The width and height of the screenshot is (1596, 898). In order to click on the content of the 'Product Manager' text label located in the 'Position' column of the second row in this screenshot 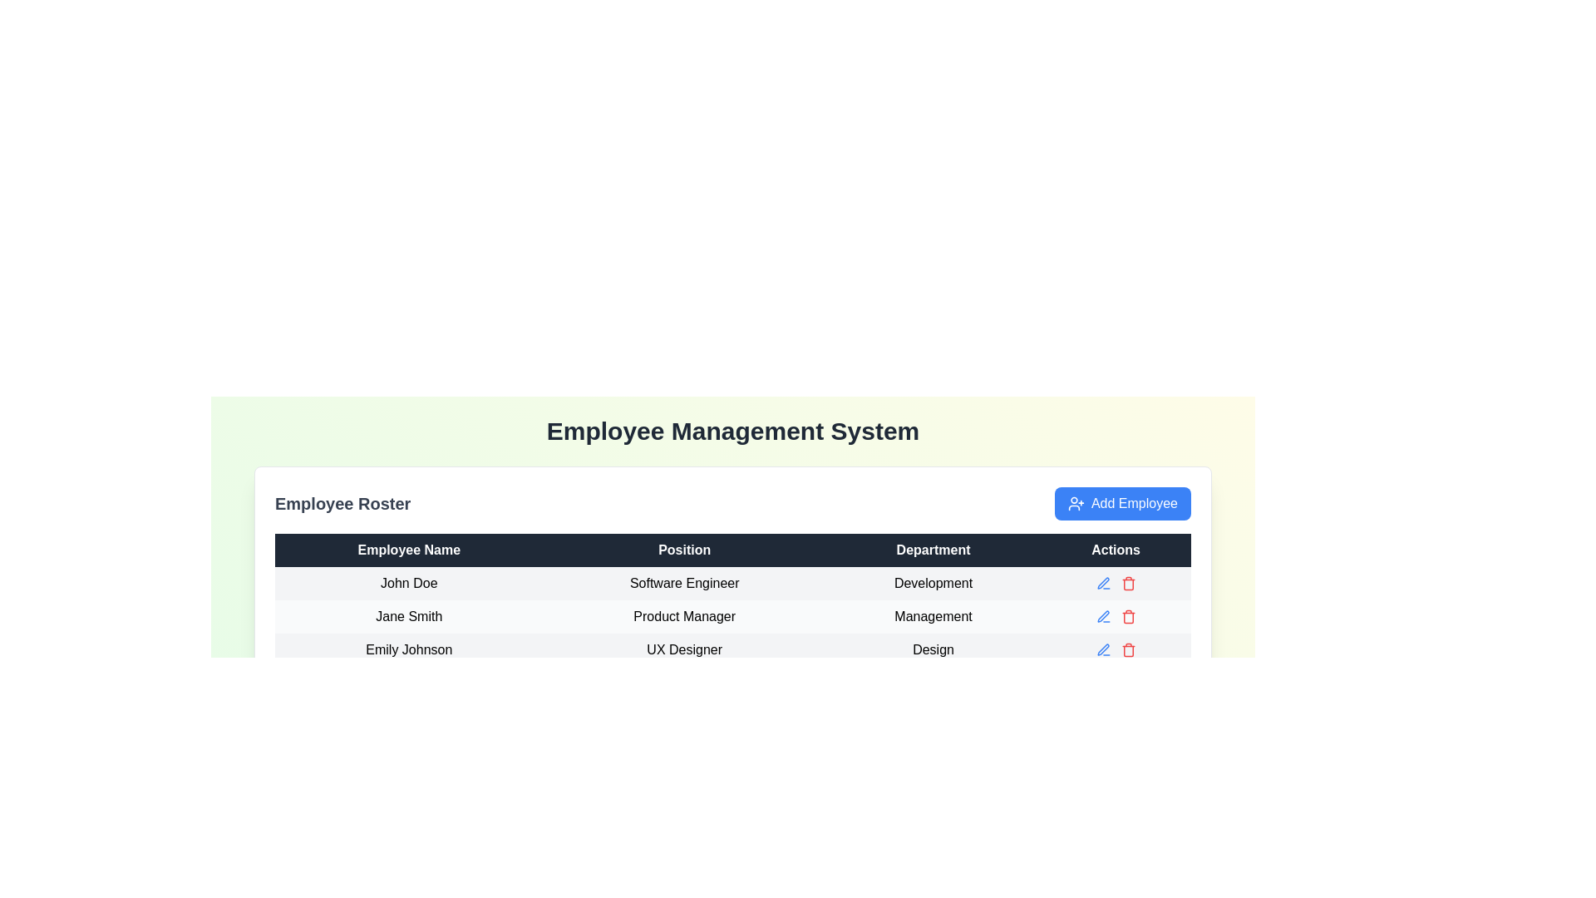, I will do `click(684, 616)`.